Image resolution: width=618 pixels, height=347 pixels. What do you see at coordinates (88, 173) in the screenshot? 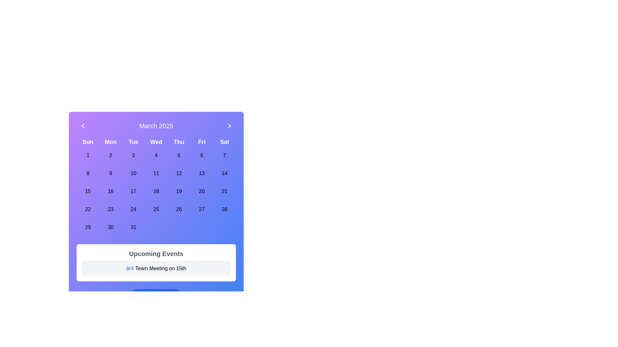
I see `the circular calendar date button with the number '8'` at bounding box center [88, 173].